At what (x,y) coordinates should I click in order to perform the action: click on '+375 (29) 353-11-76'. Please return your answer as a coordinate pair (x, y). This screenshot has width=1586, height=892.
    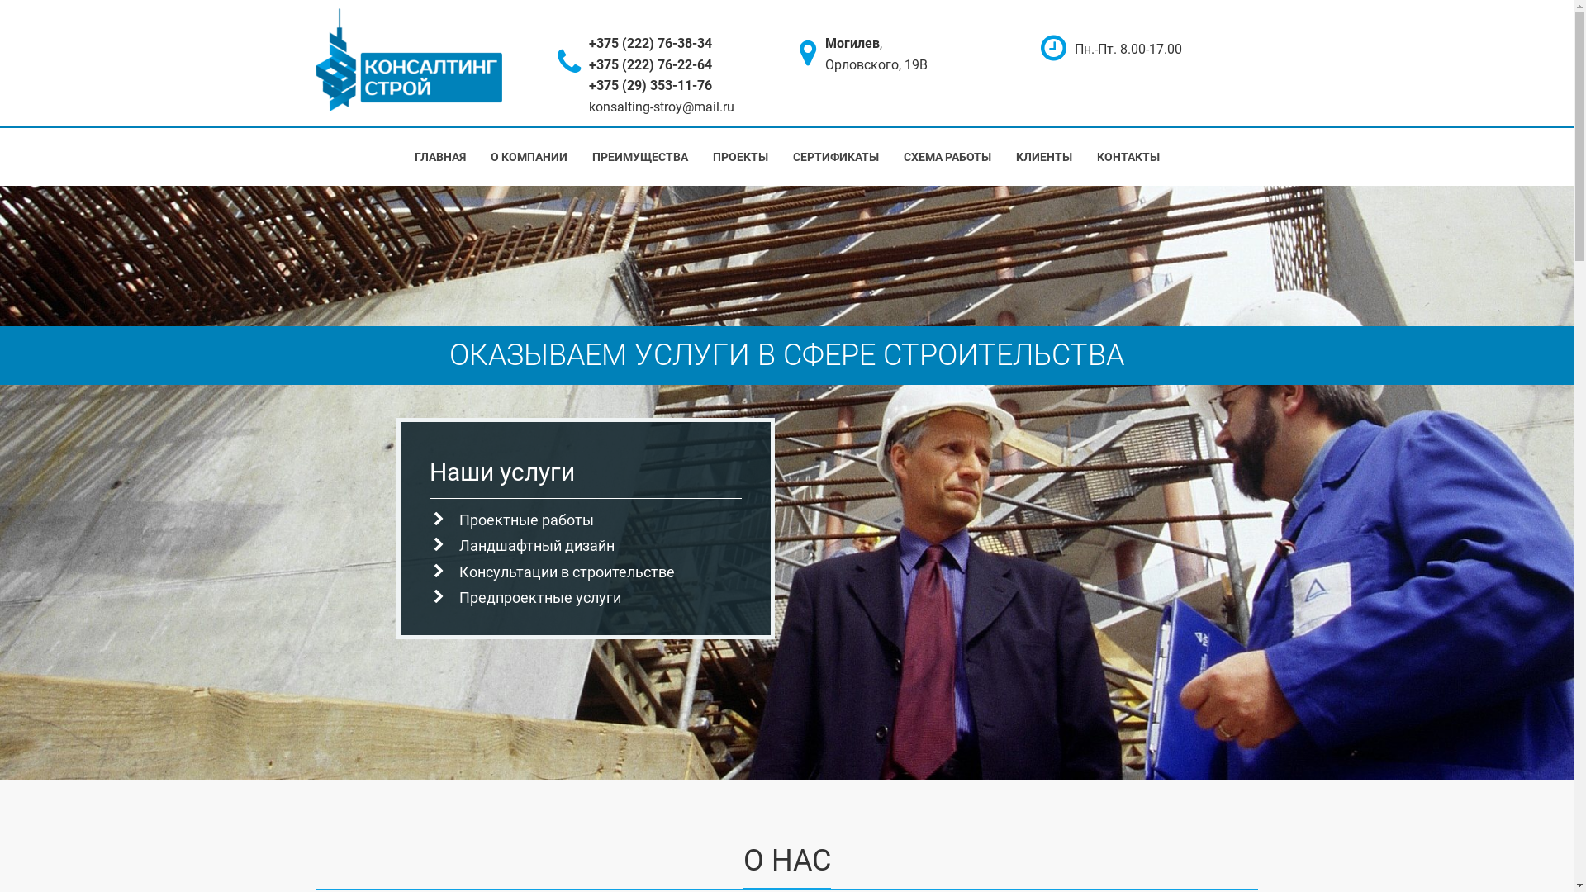
    Looking at the image, I should click on (649, 85).